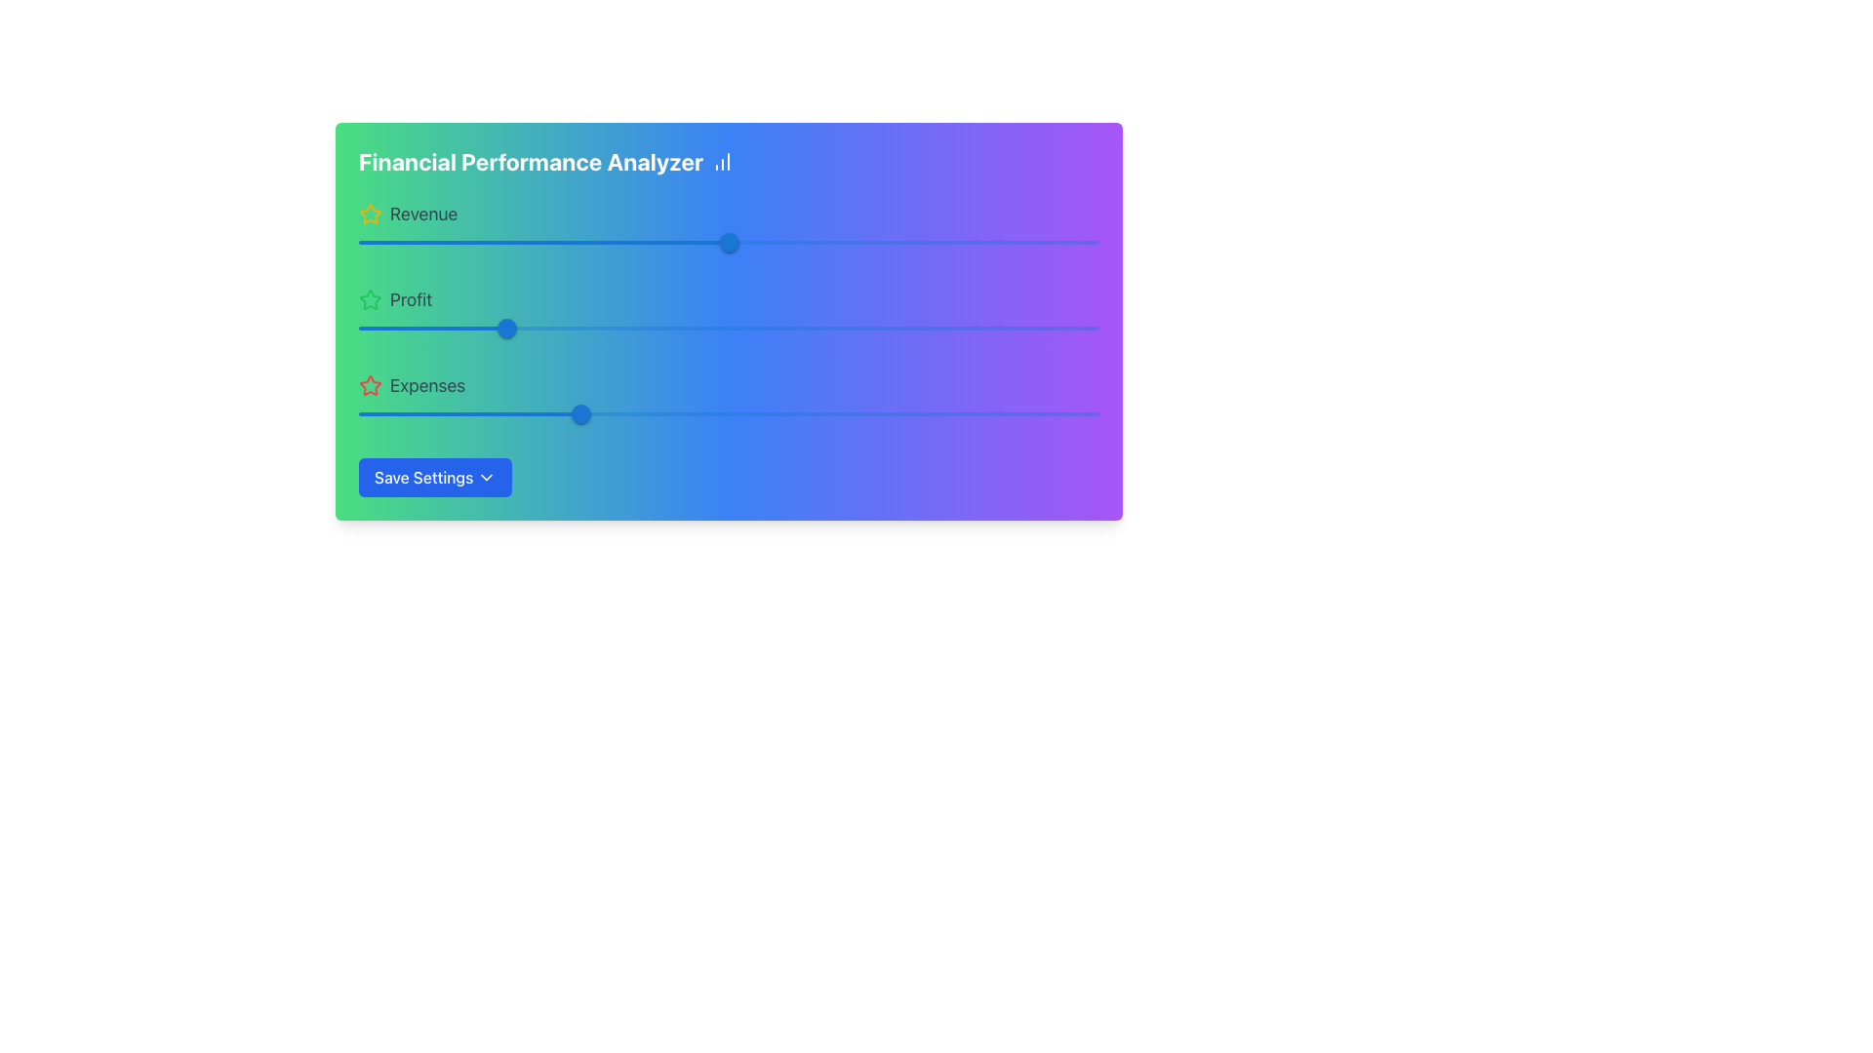 The image size is (1873, 1053). What do you see at coordinates (537, 412) in the screenshot?
I see `the Expenses slider` at bounding box center [537, 412].